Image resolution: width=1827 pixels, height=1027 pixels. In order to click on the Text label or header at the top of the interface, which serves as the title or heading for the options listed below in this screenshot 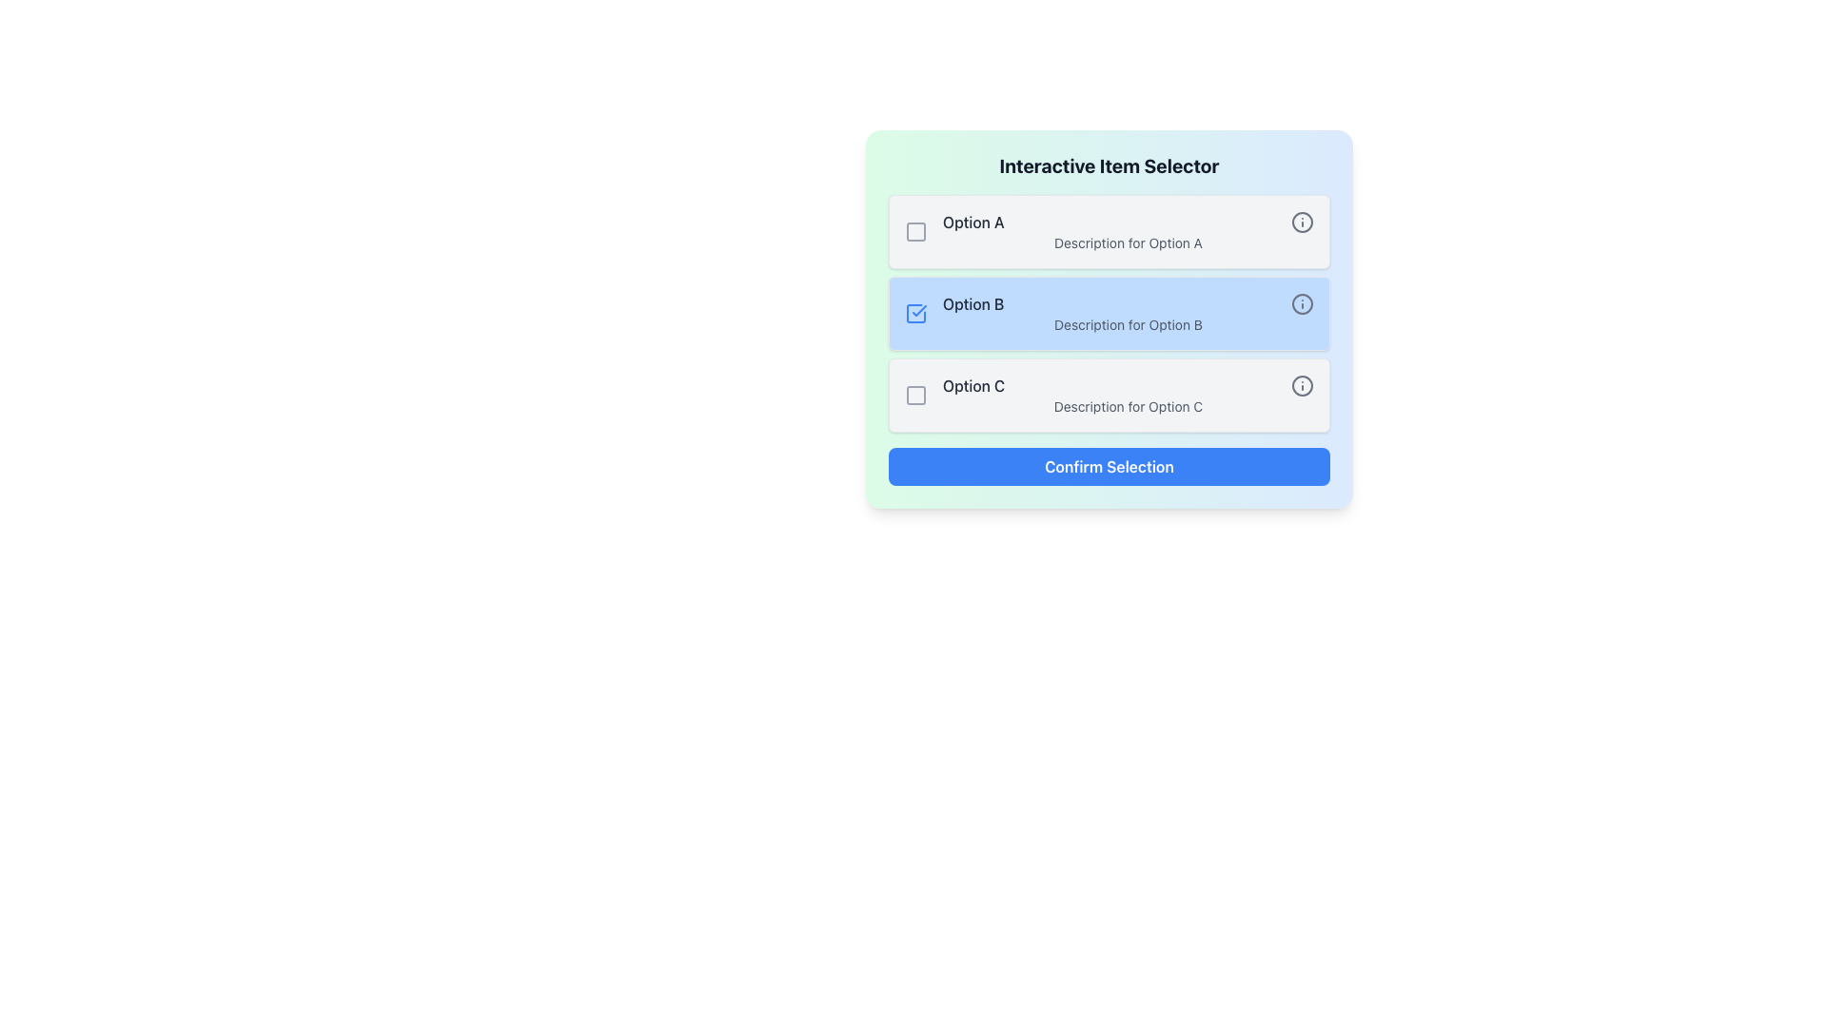, I will do `click(1110, 165)`.